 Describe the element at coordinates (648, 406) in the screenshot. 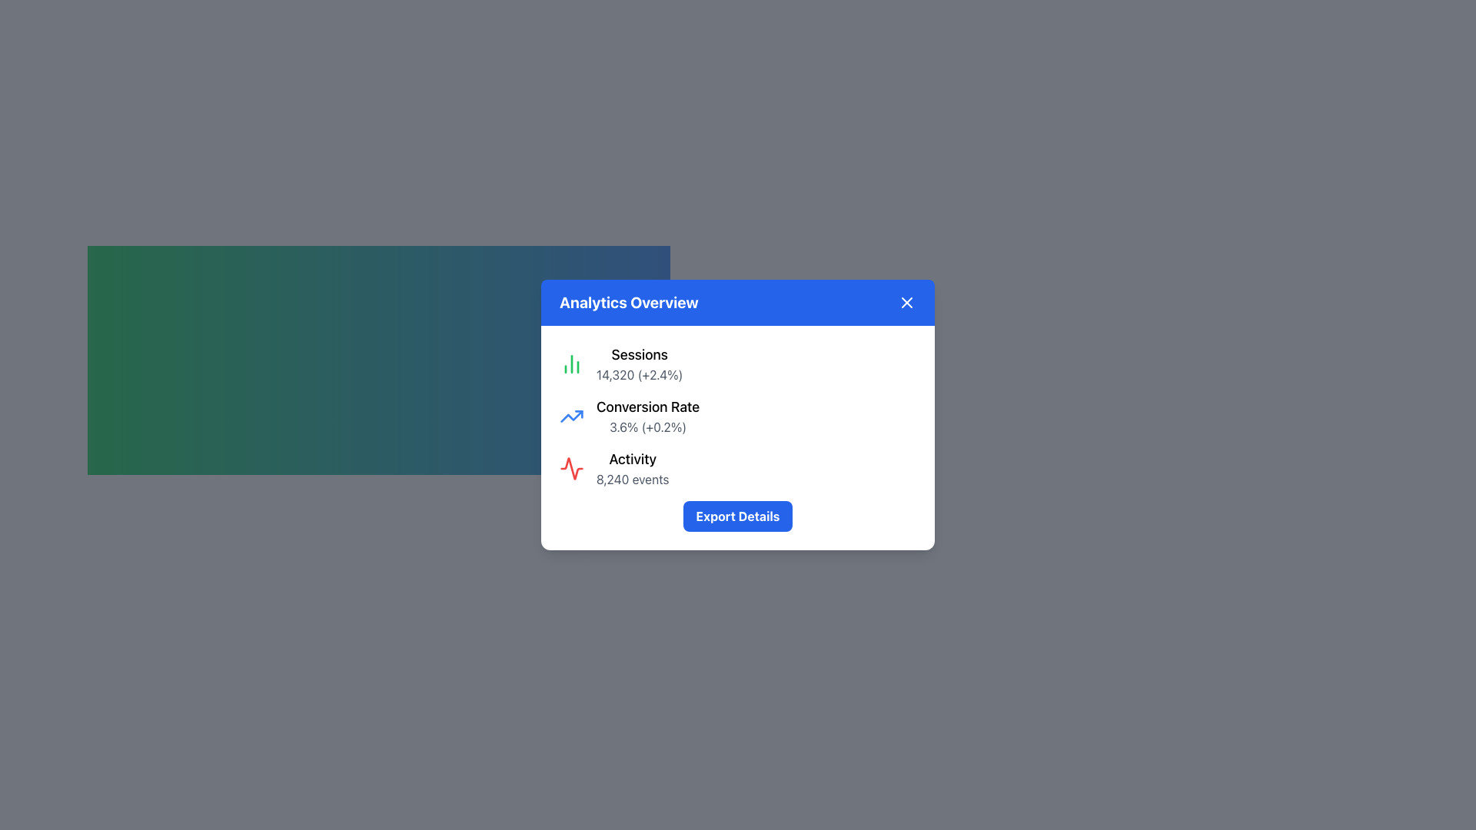

I see `the label displaying 'Conversion Rate' which is located between 'Sessions' and '3.6% (+0.2%)' in the 'Analytics Overview' popup` at that location.